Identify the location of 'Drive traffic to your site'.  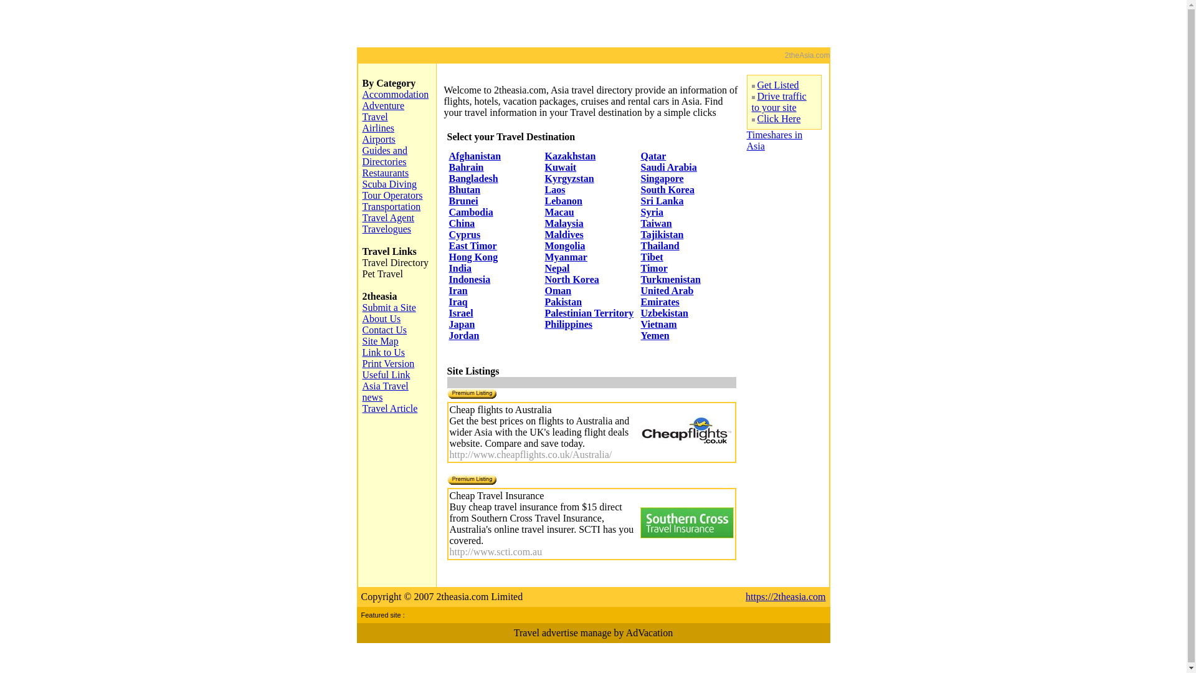
(777, 101).